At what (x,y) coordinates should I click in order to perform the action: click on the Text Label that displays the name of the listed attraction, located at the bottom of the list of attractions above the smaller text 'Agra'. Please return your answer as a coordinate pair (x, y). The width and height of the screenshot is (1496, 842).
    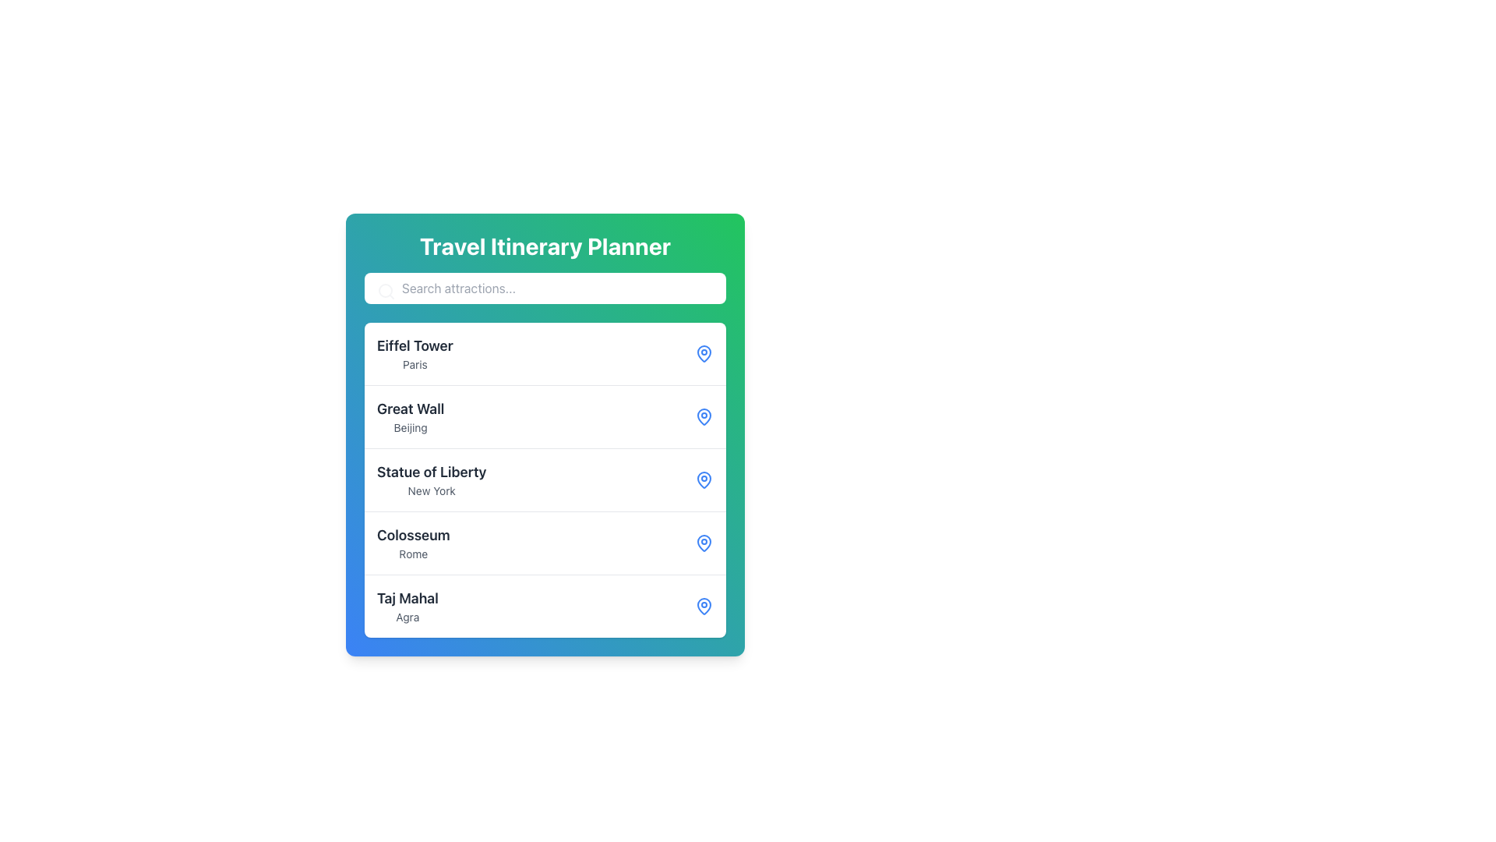
    Looking at the image, I should click on (408, 597).